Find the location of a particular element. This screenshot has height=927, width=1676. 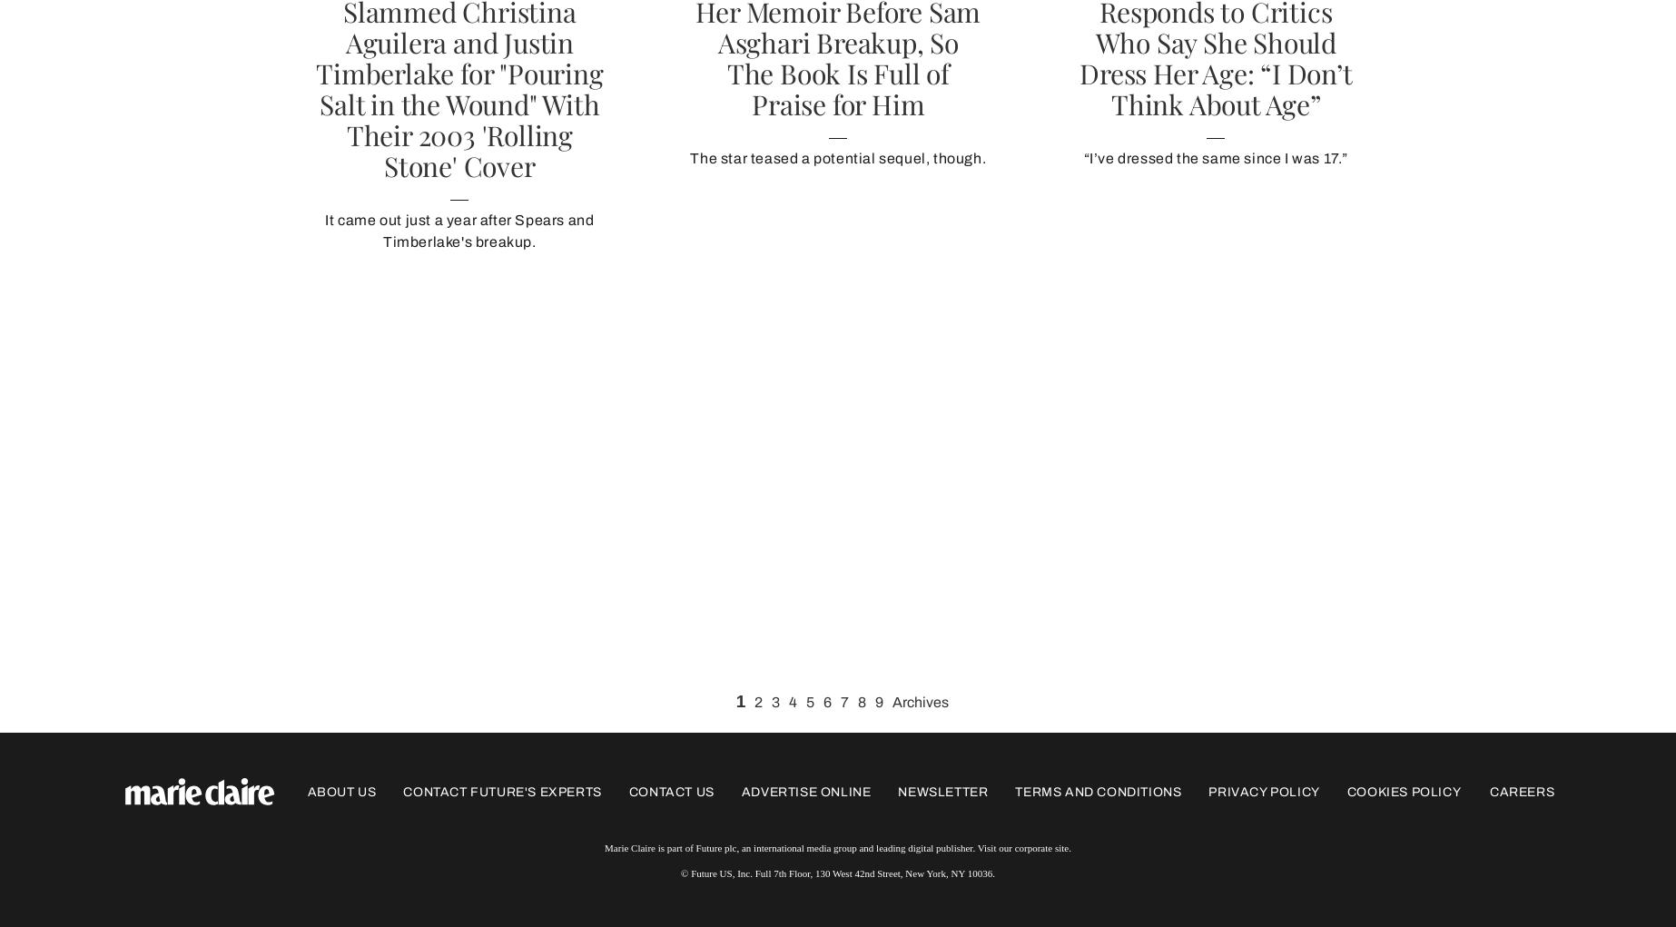

'8' is located at coordinates (857, 702).